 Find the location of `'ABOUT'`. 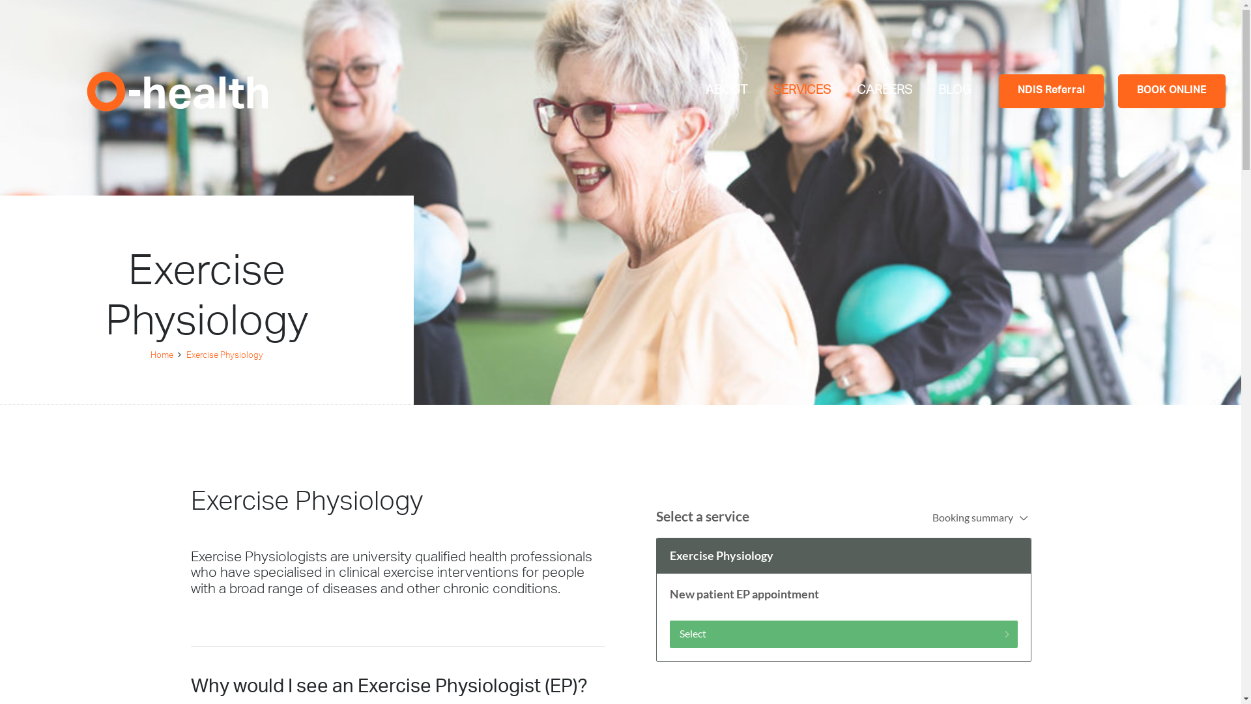

'ABOUT' is located at coordinates (725, 90).